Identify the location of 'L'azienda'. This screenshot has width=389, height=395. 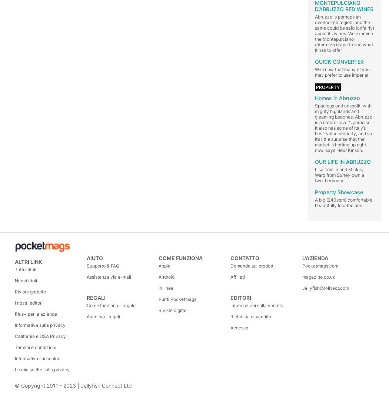
(315, 257).